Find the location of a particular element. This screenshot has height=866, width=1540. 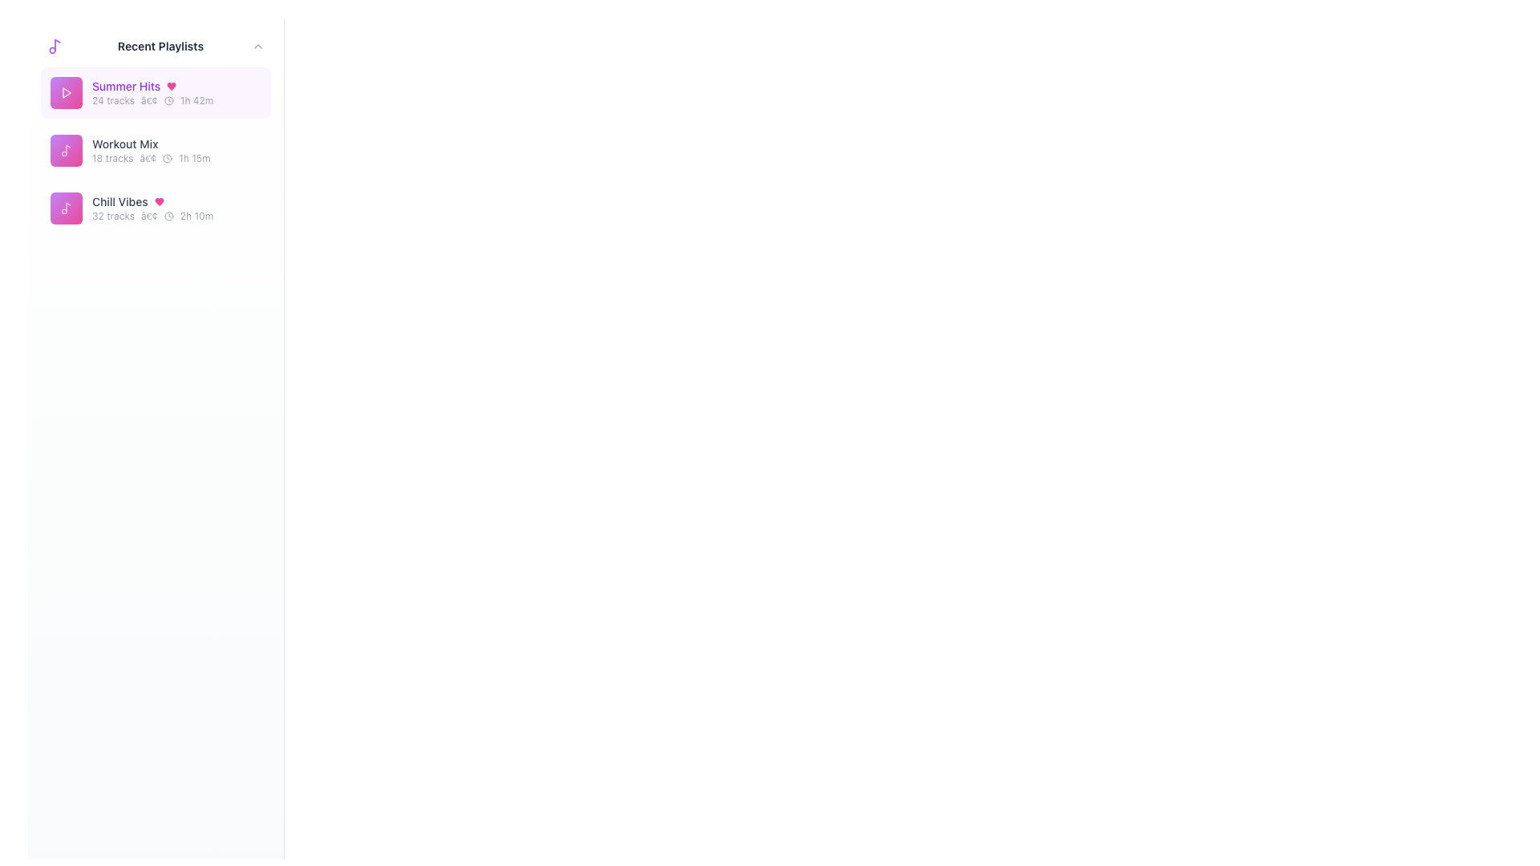

the square icon with a gradient background transitioning from purple to pink, featuring a white musical note symbol, located to the left of the 'Workout Mix' playlist item in the 'Recent Playlists' section is located at coordinates (65, 151).